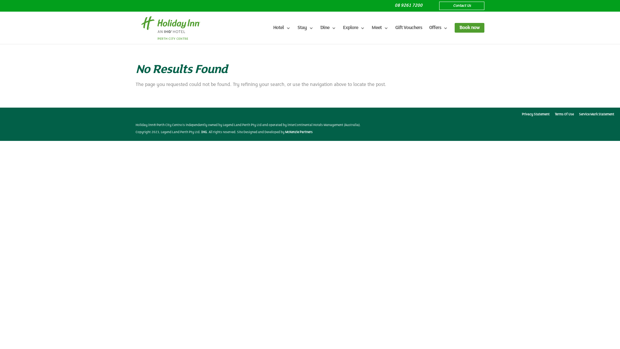  What do you see at coordinates (408, 32) in the screenshot?
I see `'Gift Vouchers'` at bounding box center [408, 32].